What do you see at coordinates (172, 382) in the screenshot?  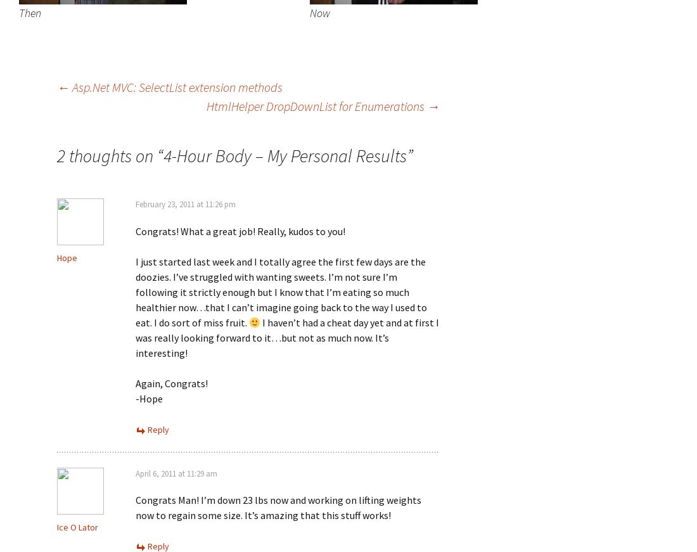 I see `'Again, Congrats!'` at bounding box center [172, 382].